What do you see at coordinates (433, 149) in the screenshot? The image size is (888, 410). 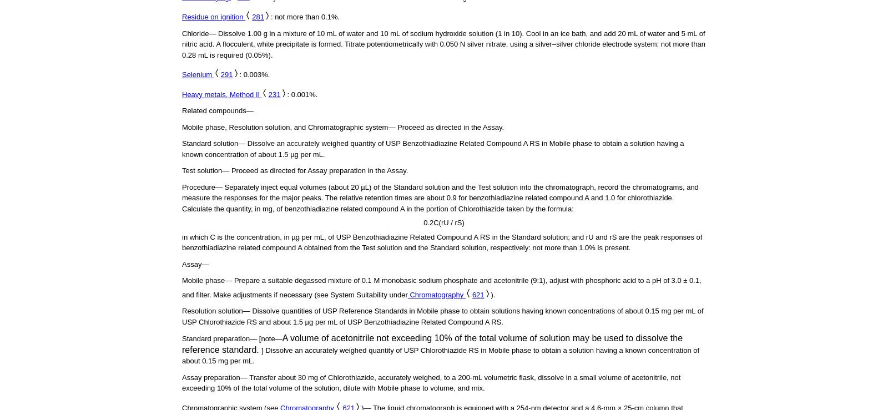 I see `'to obtain a solution having a known concentration of about 1.5 µg per mL.'` at bounding box center [433, 149].